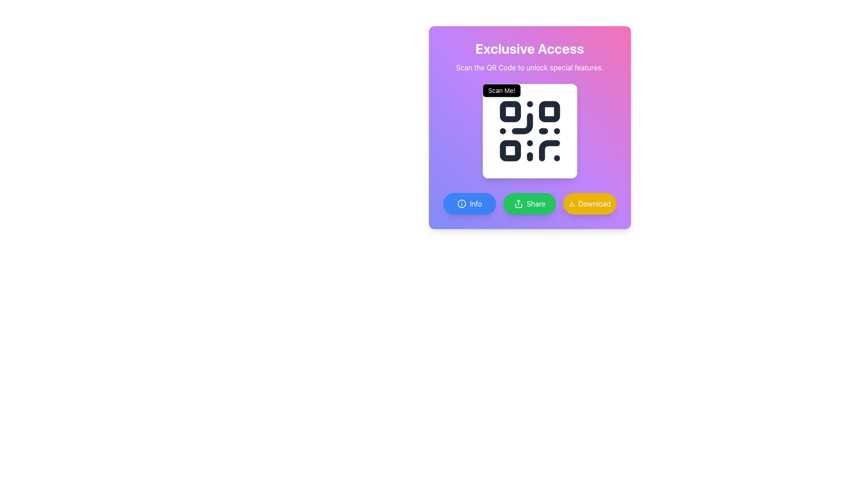 This screenshot has width=866, height=487. Describe the element at coordinates (510, 111) in the screenshot. I see `the small square with rounded corners in the top-left corner of the QR code` at that location.